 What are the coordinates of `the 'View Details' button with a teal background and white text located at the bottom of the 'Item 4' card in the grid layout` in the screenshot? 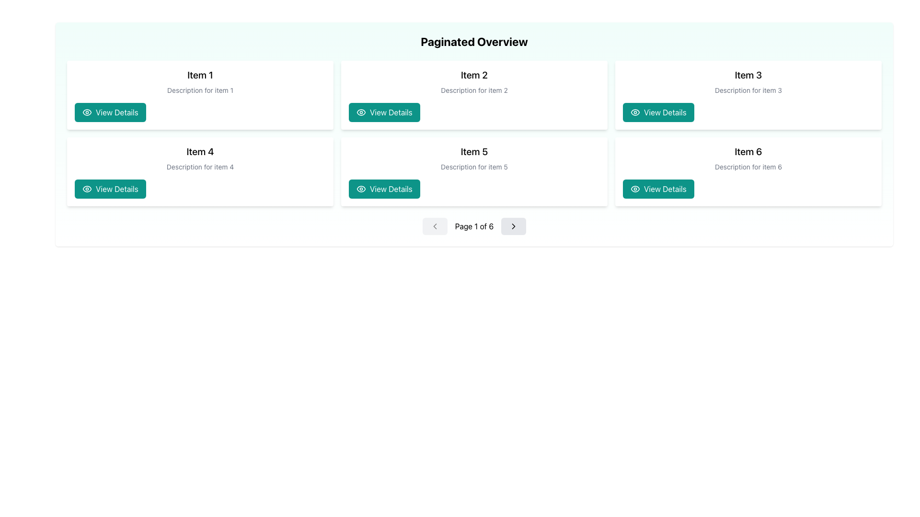 It's located at (110, 189).